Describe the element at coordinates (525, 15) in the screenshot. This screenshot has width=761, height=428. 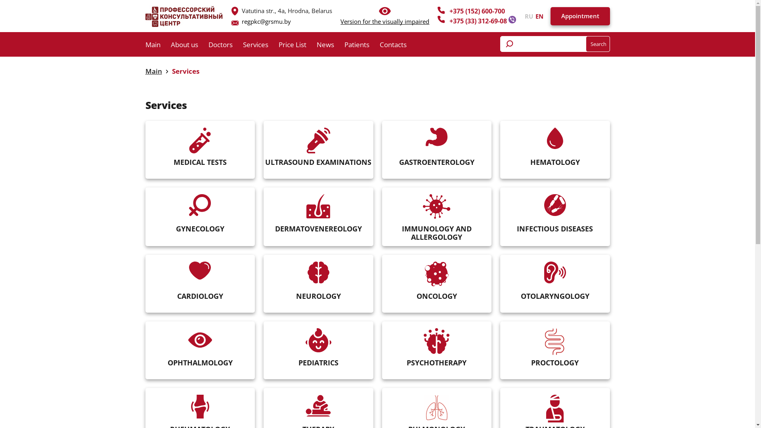
I see `'RU'` at that location.